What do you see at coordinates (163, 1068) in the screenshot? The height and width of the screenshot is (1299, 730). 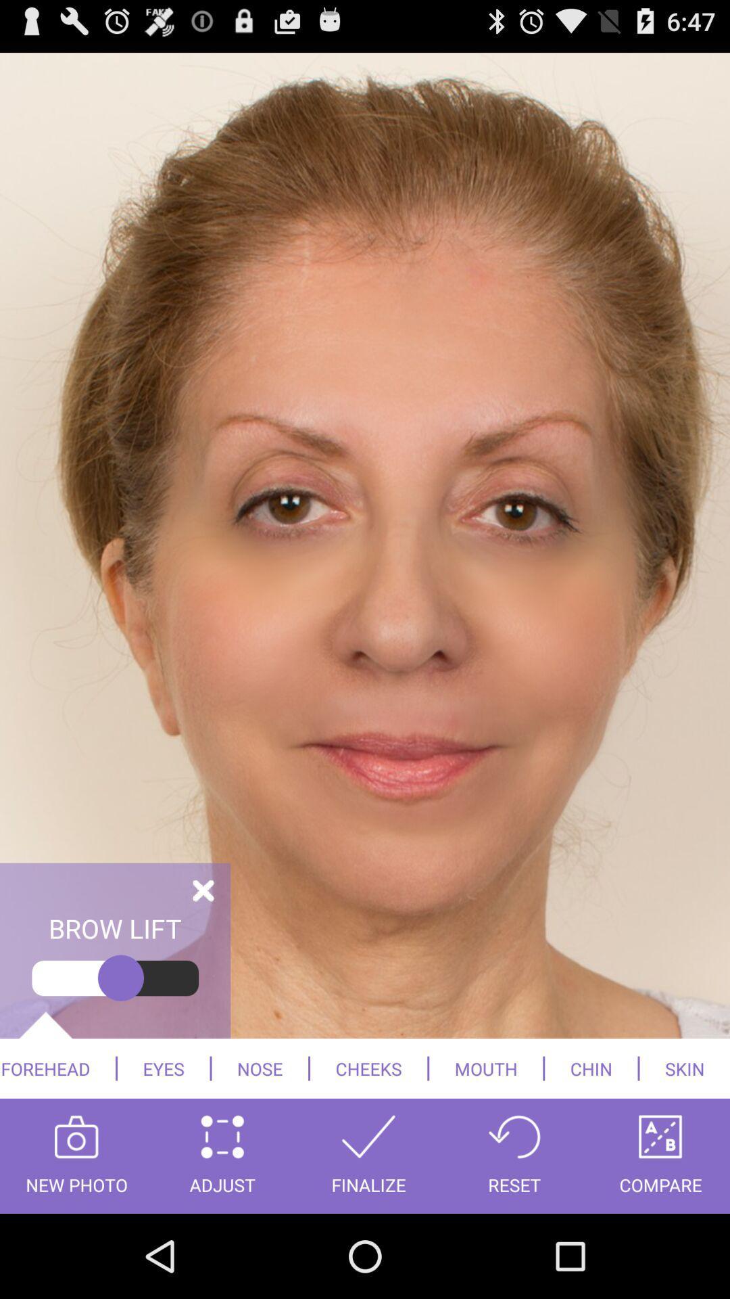 I see `eyes icon` at bounding box center [163, 1068].